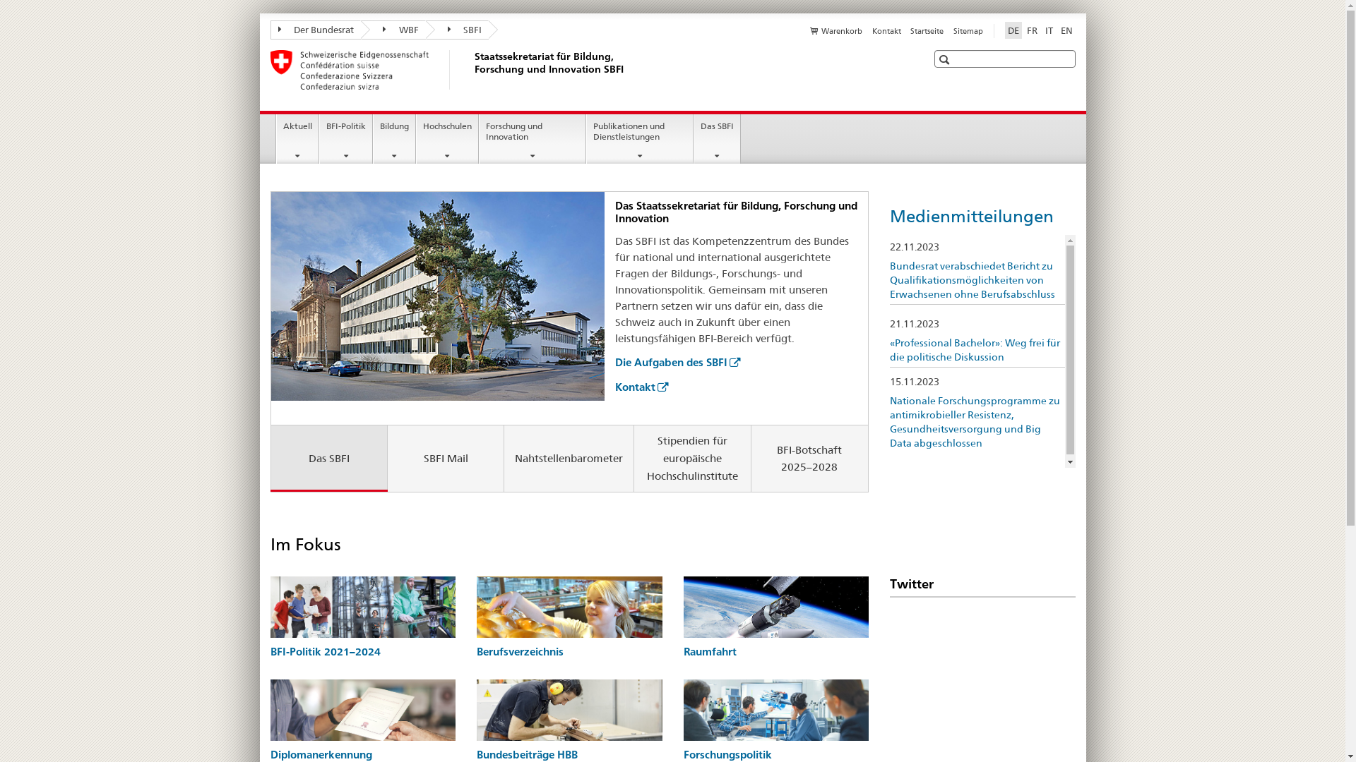  I want to click on 'SBFI', so click(424, 30).